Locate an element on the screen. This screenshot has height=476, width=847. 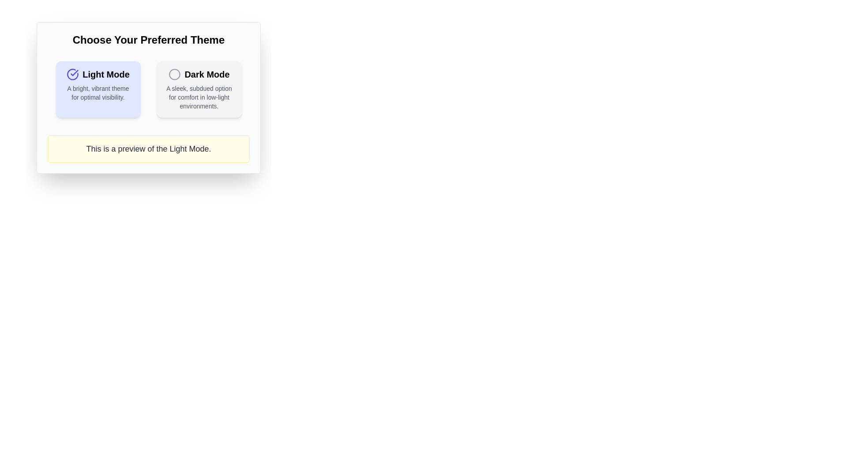
contents of the Text Label confirming and previewing the 'Light Mode', which is centered below the theme selection options is located at coordinates (148, 149).